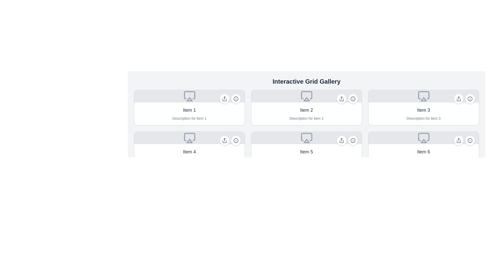 Image resolution: width=494 pixels, height=278 pixels. I want to click on the descriptive text element located below the title 'Item 3', which provides secondary information for the user, so click(424, 118).